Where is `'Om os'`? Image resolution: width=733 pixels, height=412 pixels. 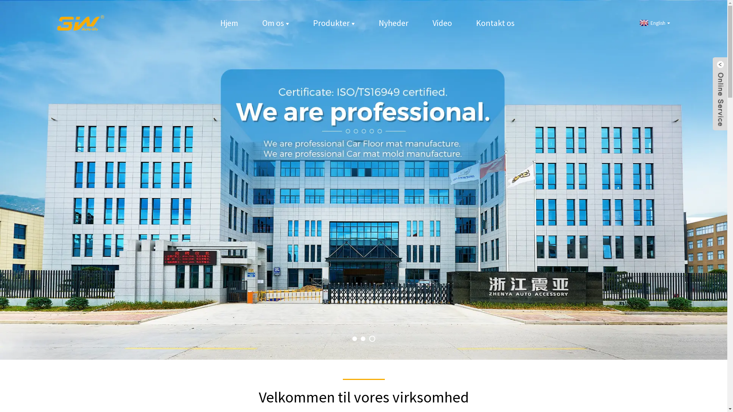 'Om os' is located at coordinates (262, 23).